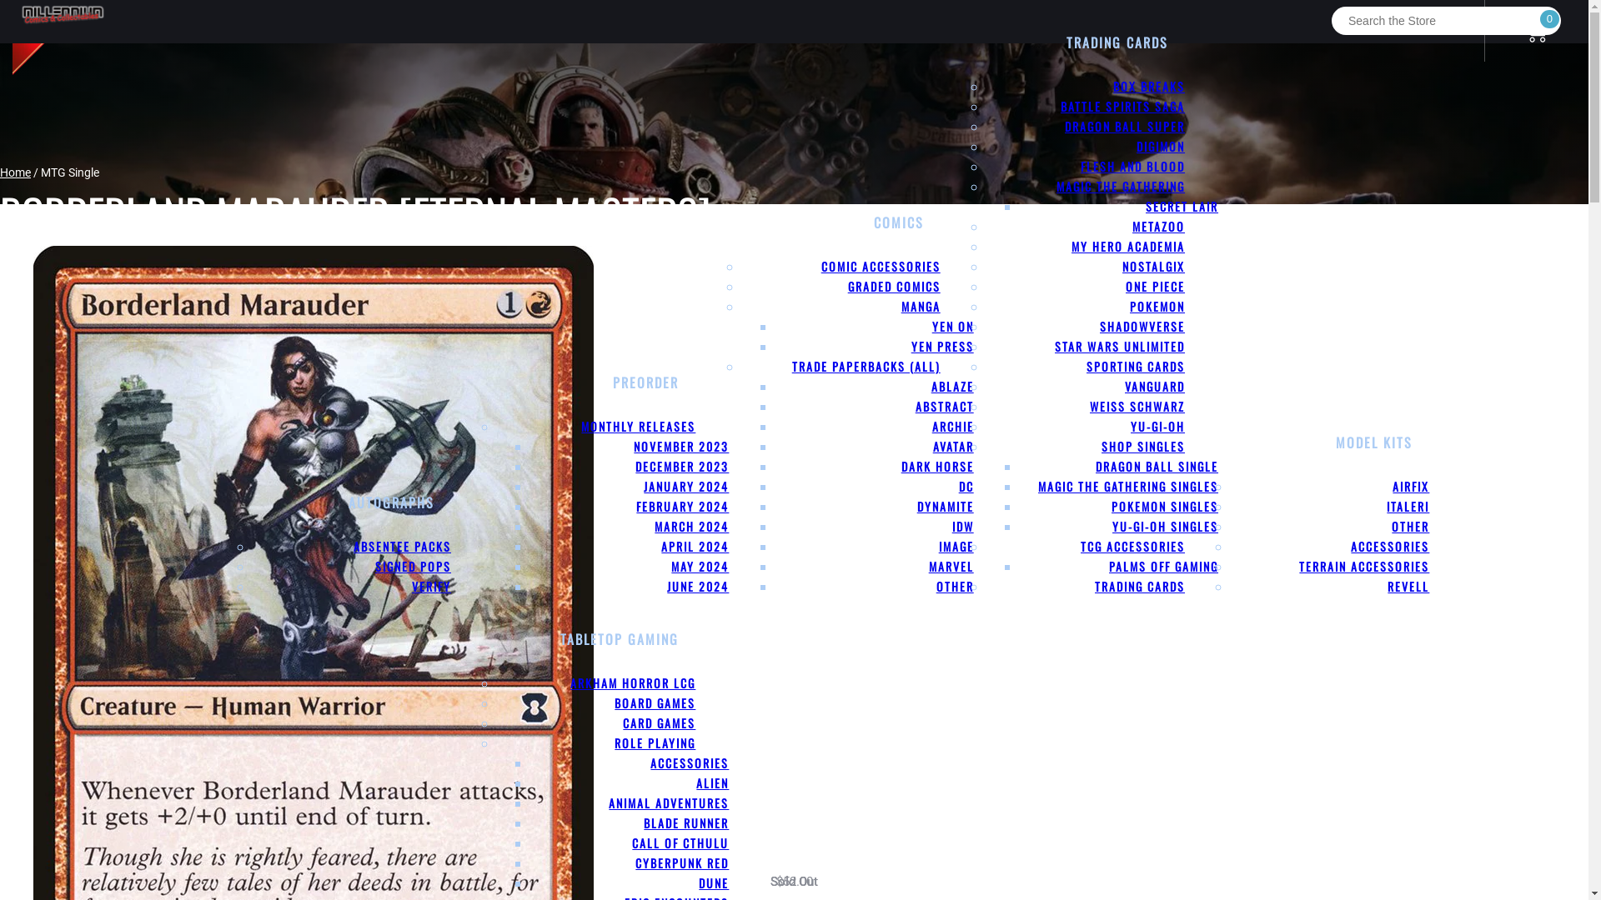 Image resolution: width=1601 pixels, height=900 pixels. I want to click on 'YEN PRESS', so click(942, 345).